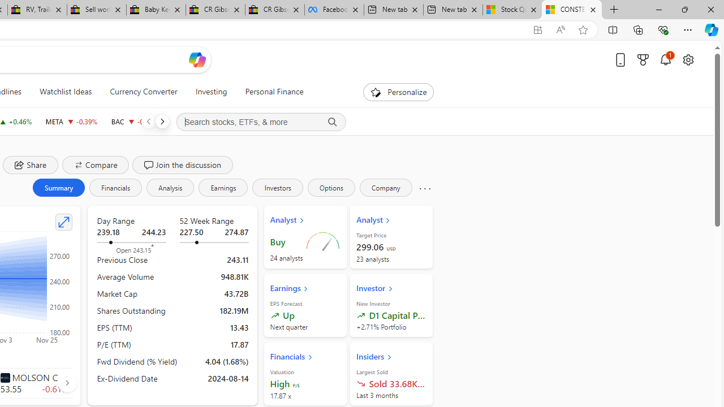 The width and height of the screenshot is (724, 407). I want to click on 'Previous', so click(148, 121).